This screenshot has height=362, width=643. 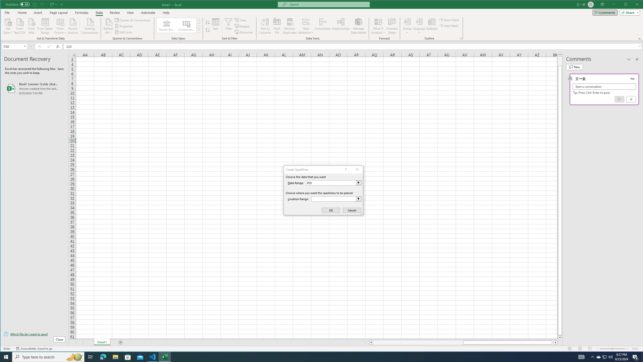 What do you see at coordinates (265, 26) in the screenshot?
I see `'Text to Columns...'` at bounding box center [265, 26].